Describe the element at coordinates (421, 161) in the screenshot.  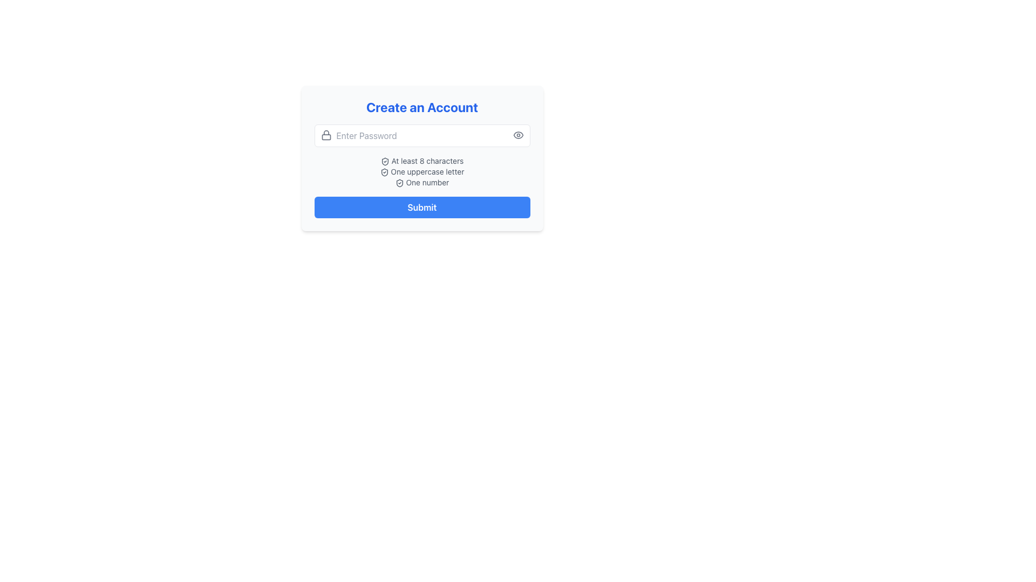
I see `the first text description in the password requirements list located below the password input field in the 'Create an Account' form` at that location.